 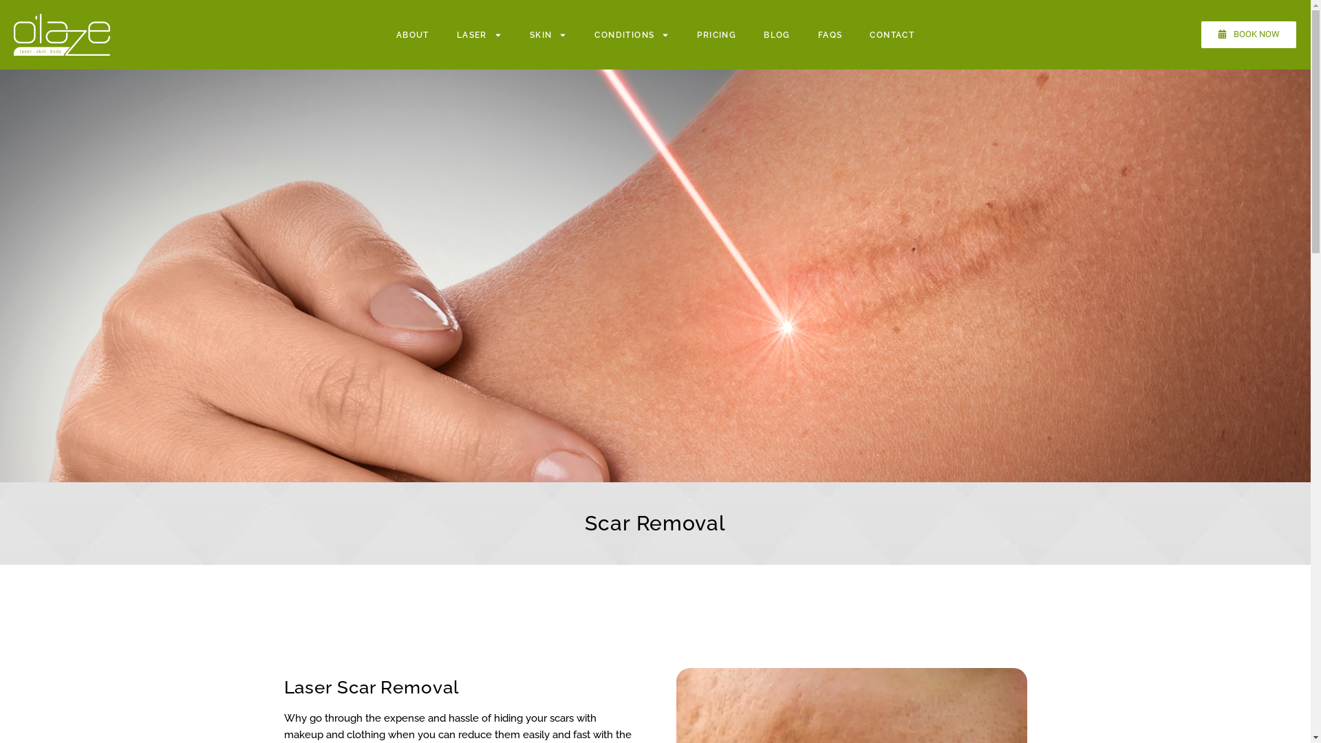 I want to click on 'BLOG', so click(x=777, y=34).